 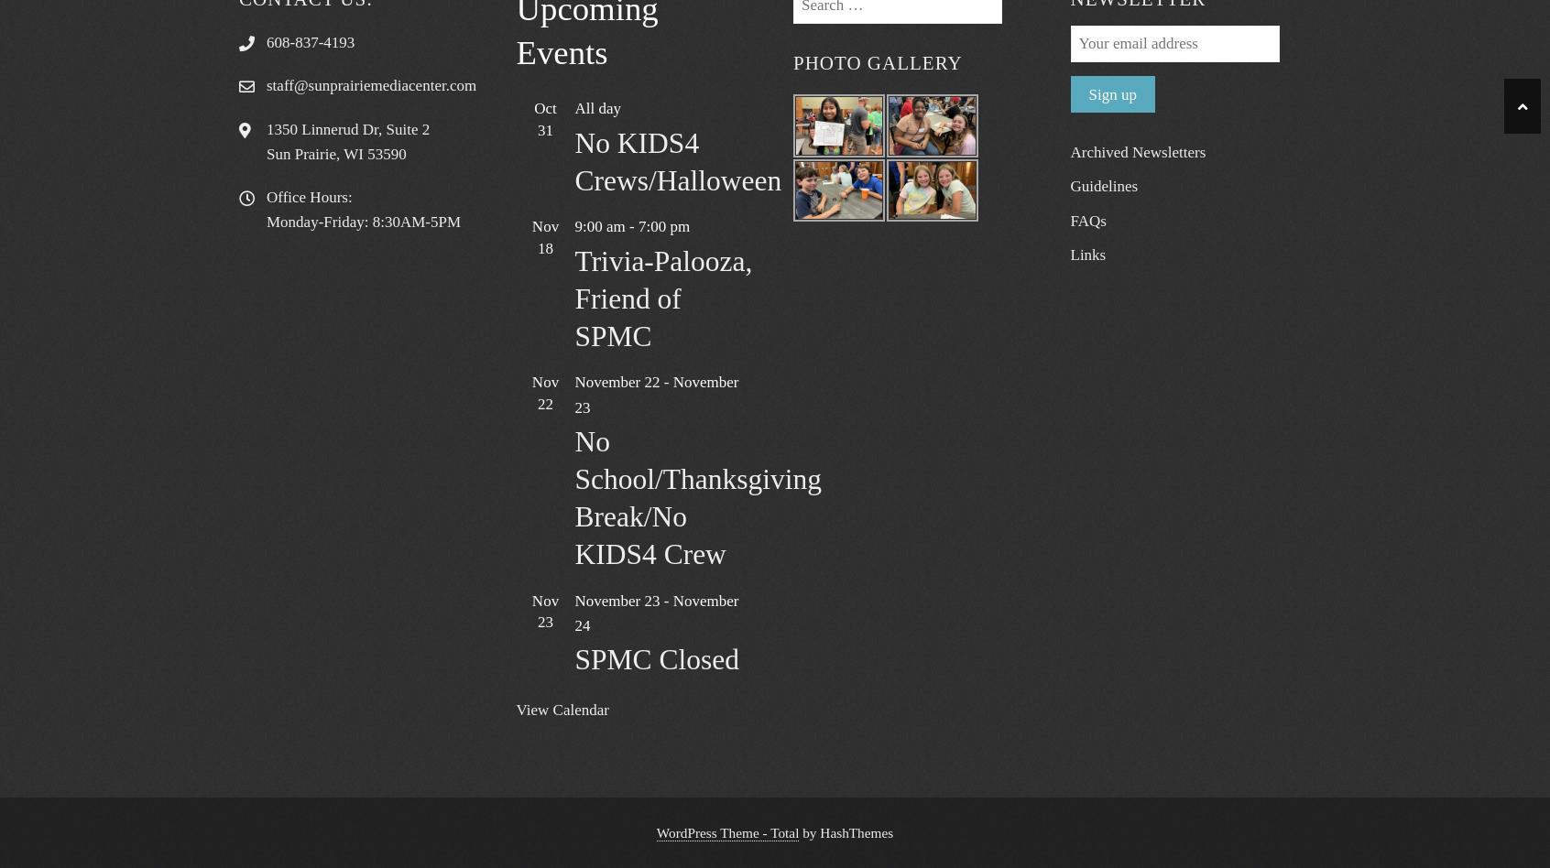 What do you see at coordinates (637, 226) in the screenshot?
I see `'7:00 pm'` at bounding box center [637, 226].